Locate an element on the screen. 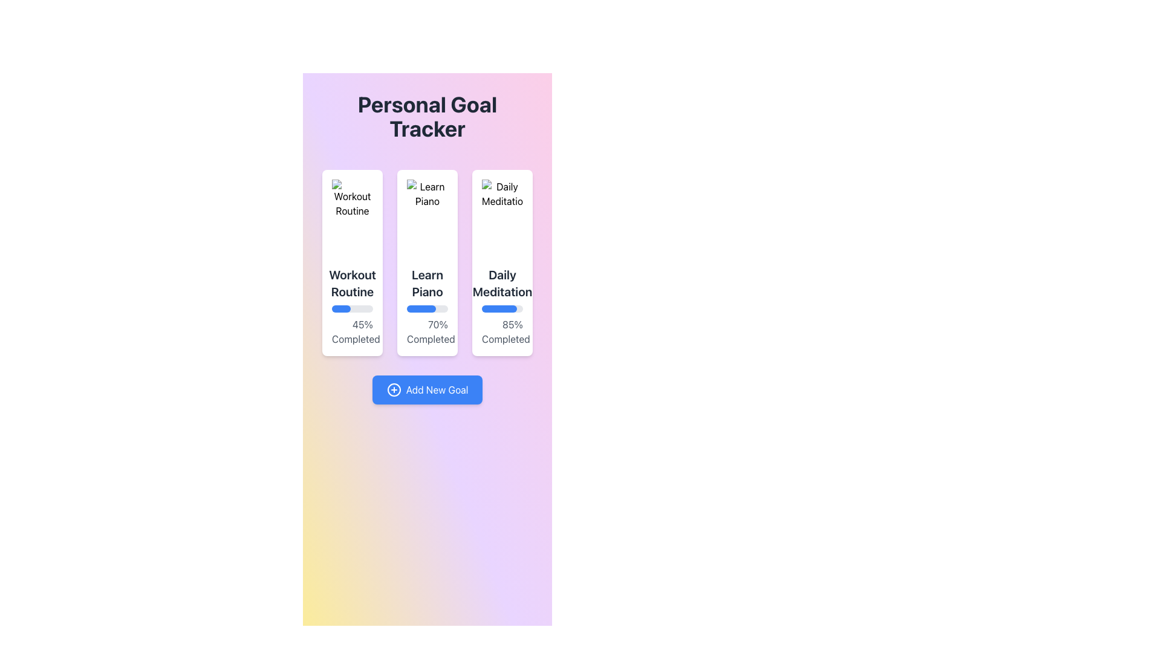 This screenshot has width=1161, height=653. the informational Text label indicating the progress percentage for the user's piano learning goal, located at the bottom of the Learn Piano card is located at coordinates (427, 331).